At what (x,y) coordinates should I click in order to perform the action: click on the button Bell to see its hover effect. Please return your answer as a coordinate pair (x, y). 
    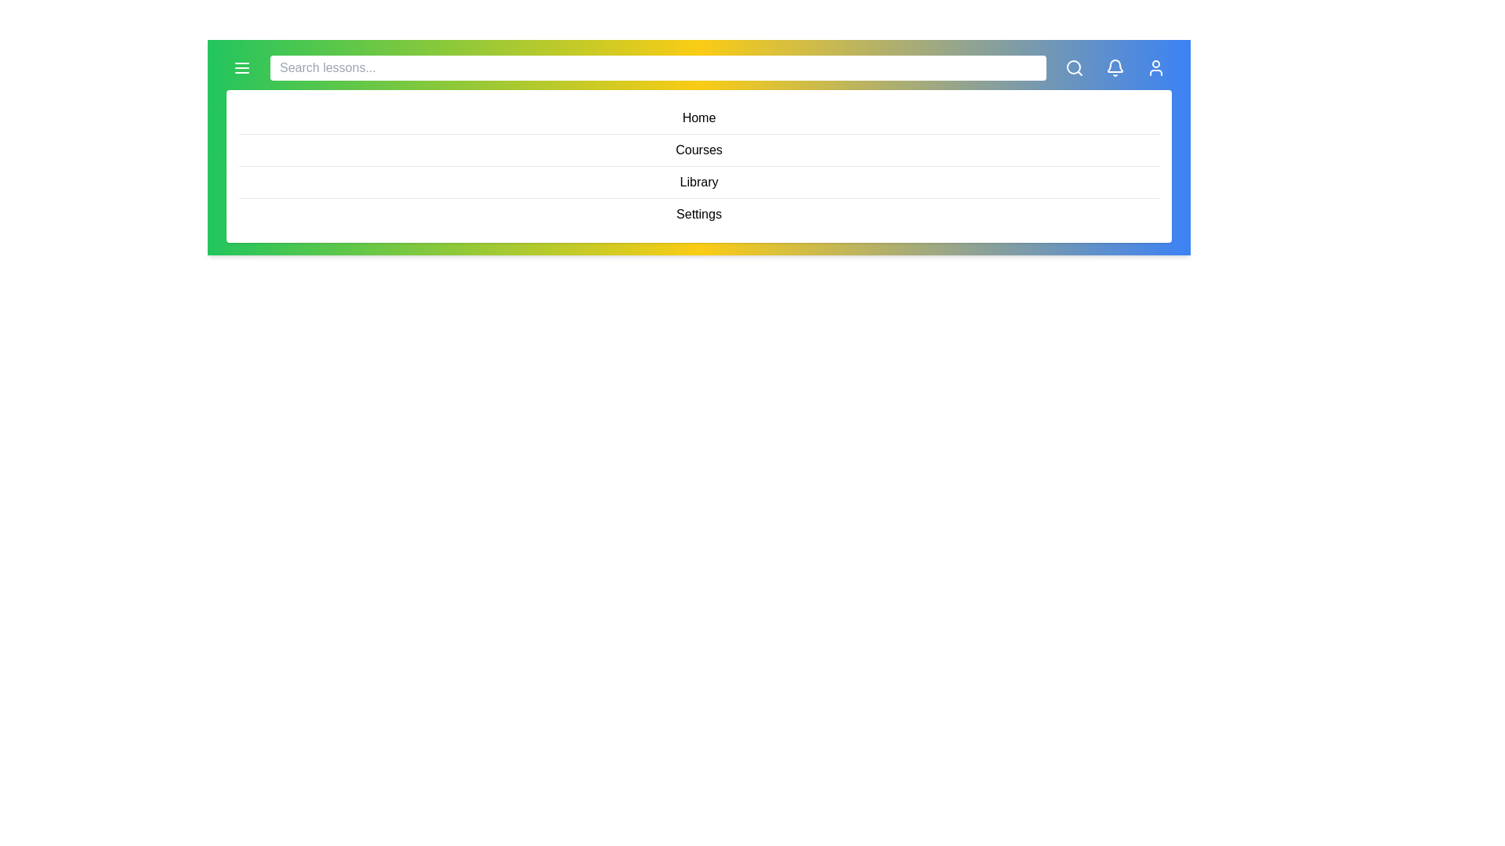
    Looking at the image, I should click on (1114, 67).